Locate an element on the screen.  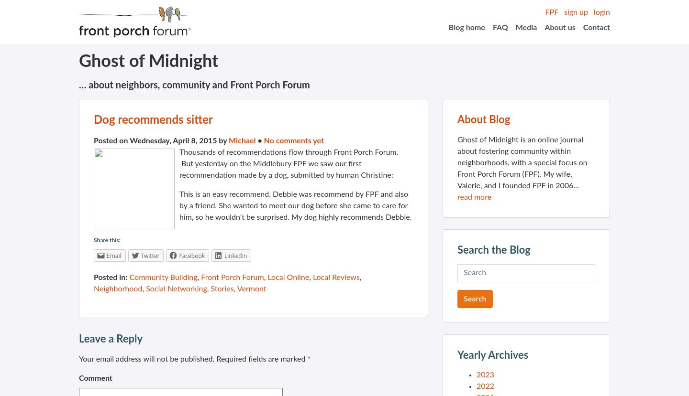
'Comment' is located at coordinates (95, 378).